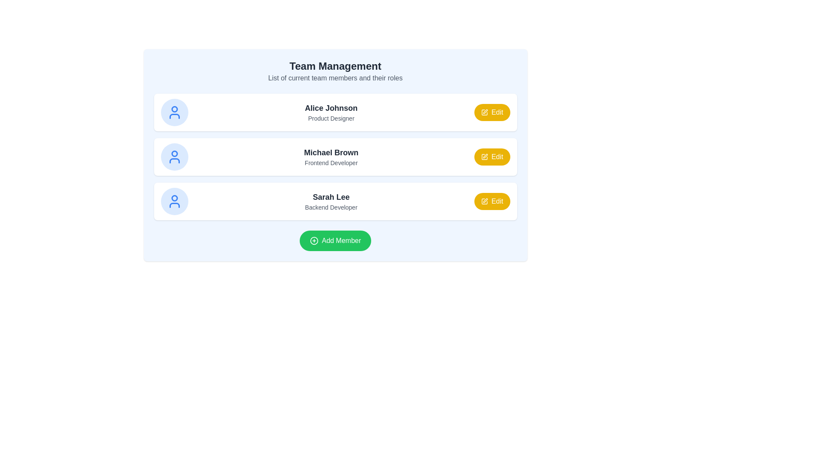 This screenshot has width=822, height=462. I want to click on the bottom half of the user icon representing 'Michael Brown' in the user list, so click(174, 160).